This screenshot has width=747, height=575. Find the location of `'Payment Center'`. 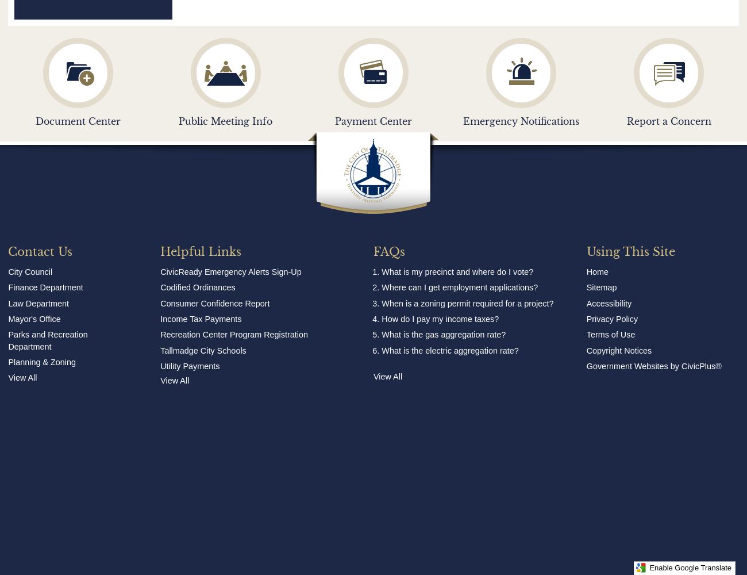

'Payment Center' is located at coordinates (372, 121).